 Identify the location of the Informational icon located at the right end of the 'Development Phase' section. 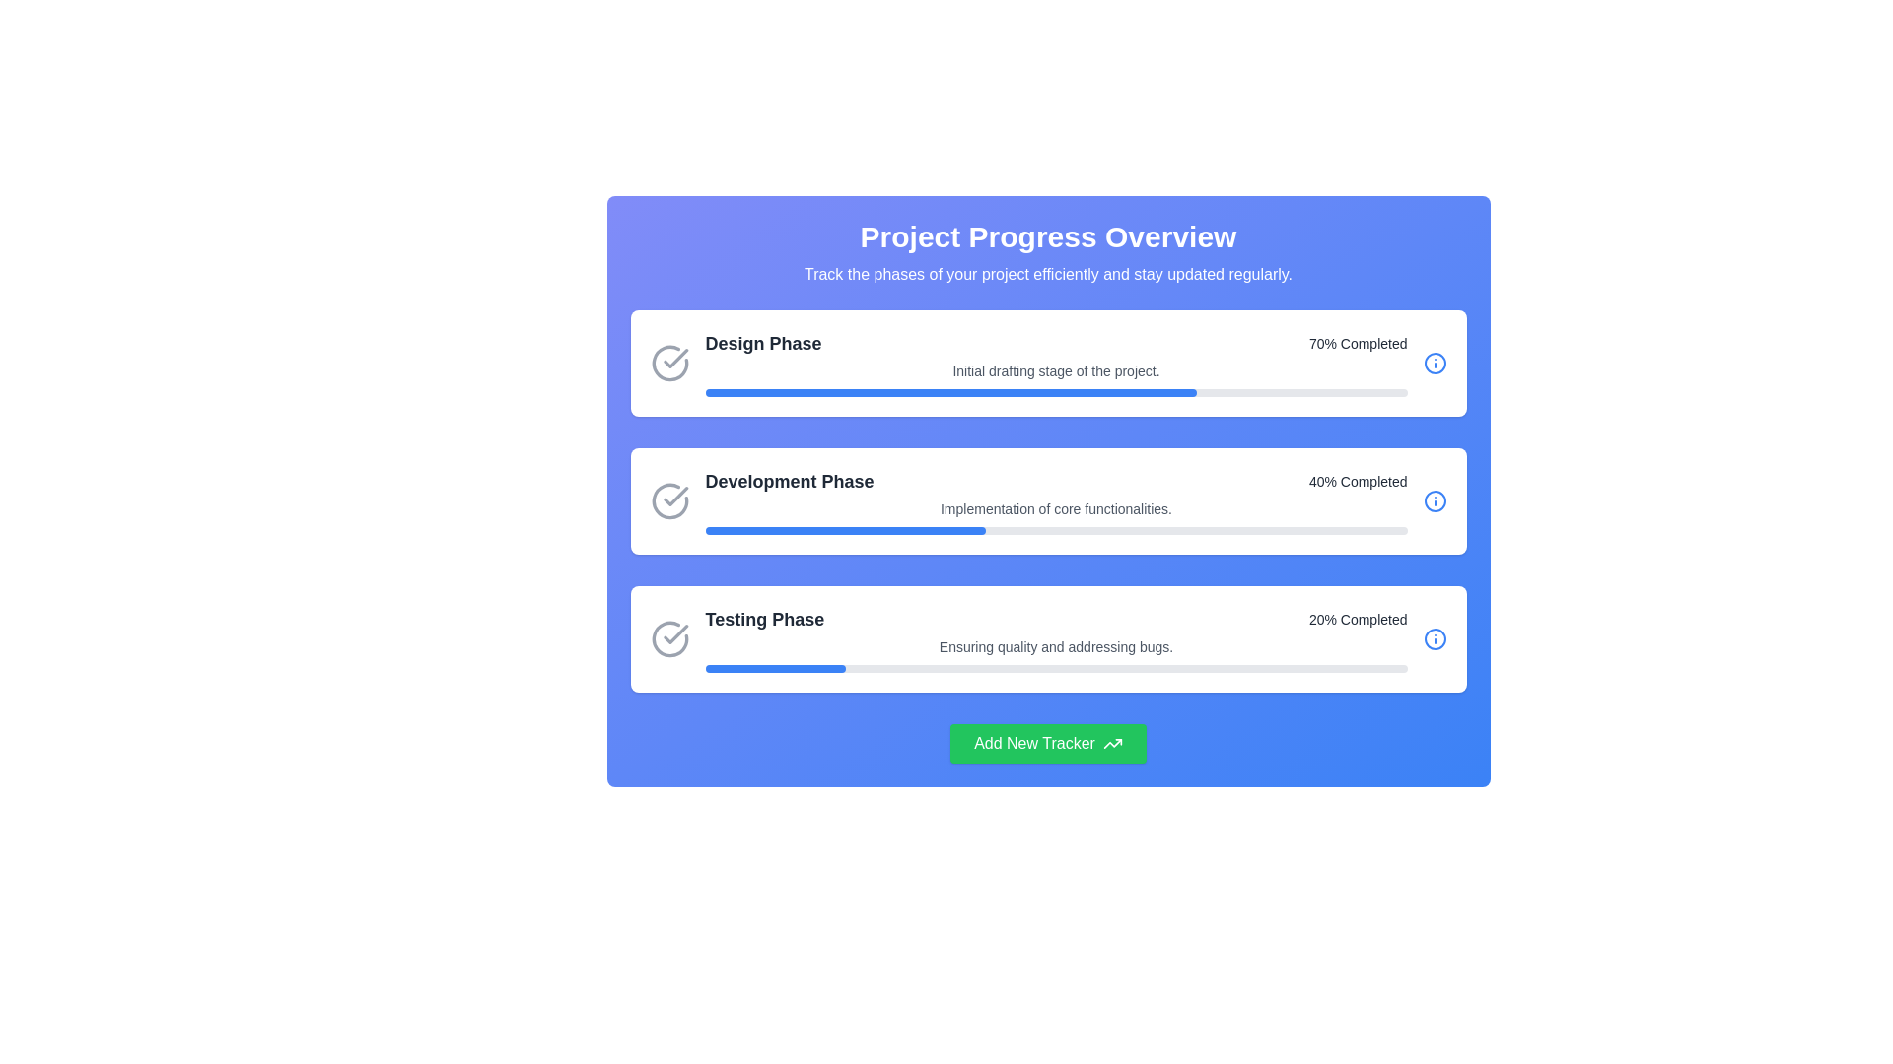
(1435, 500).